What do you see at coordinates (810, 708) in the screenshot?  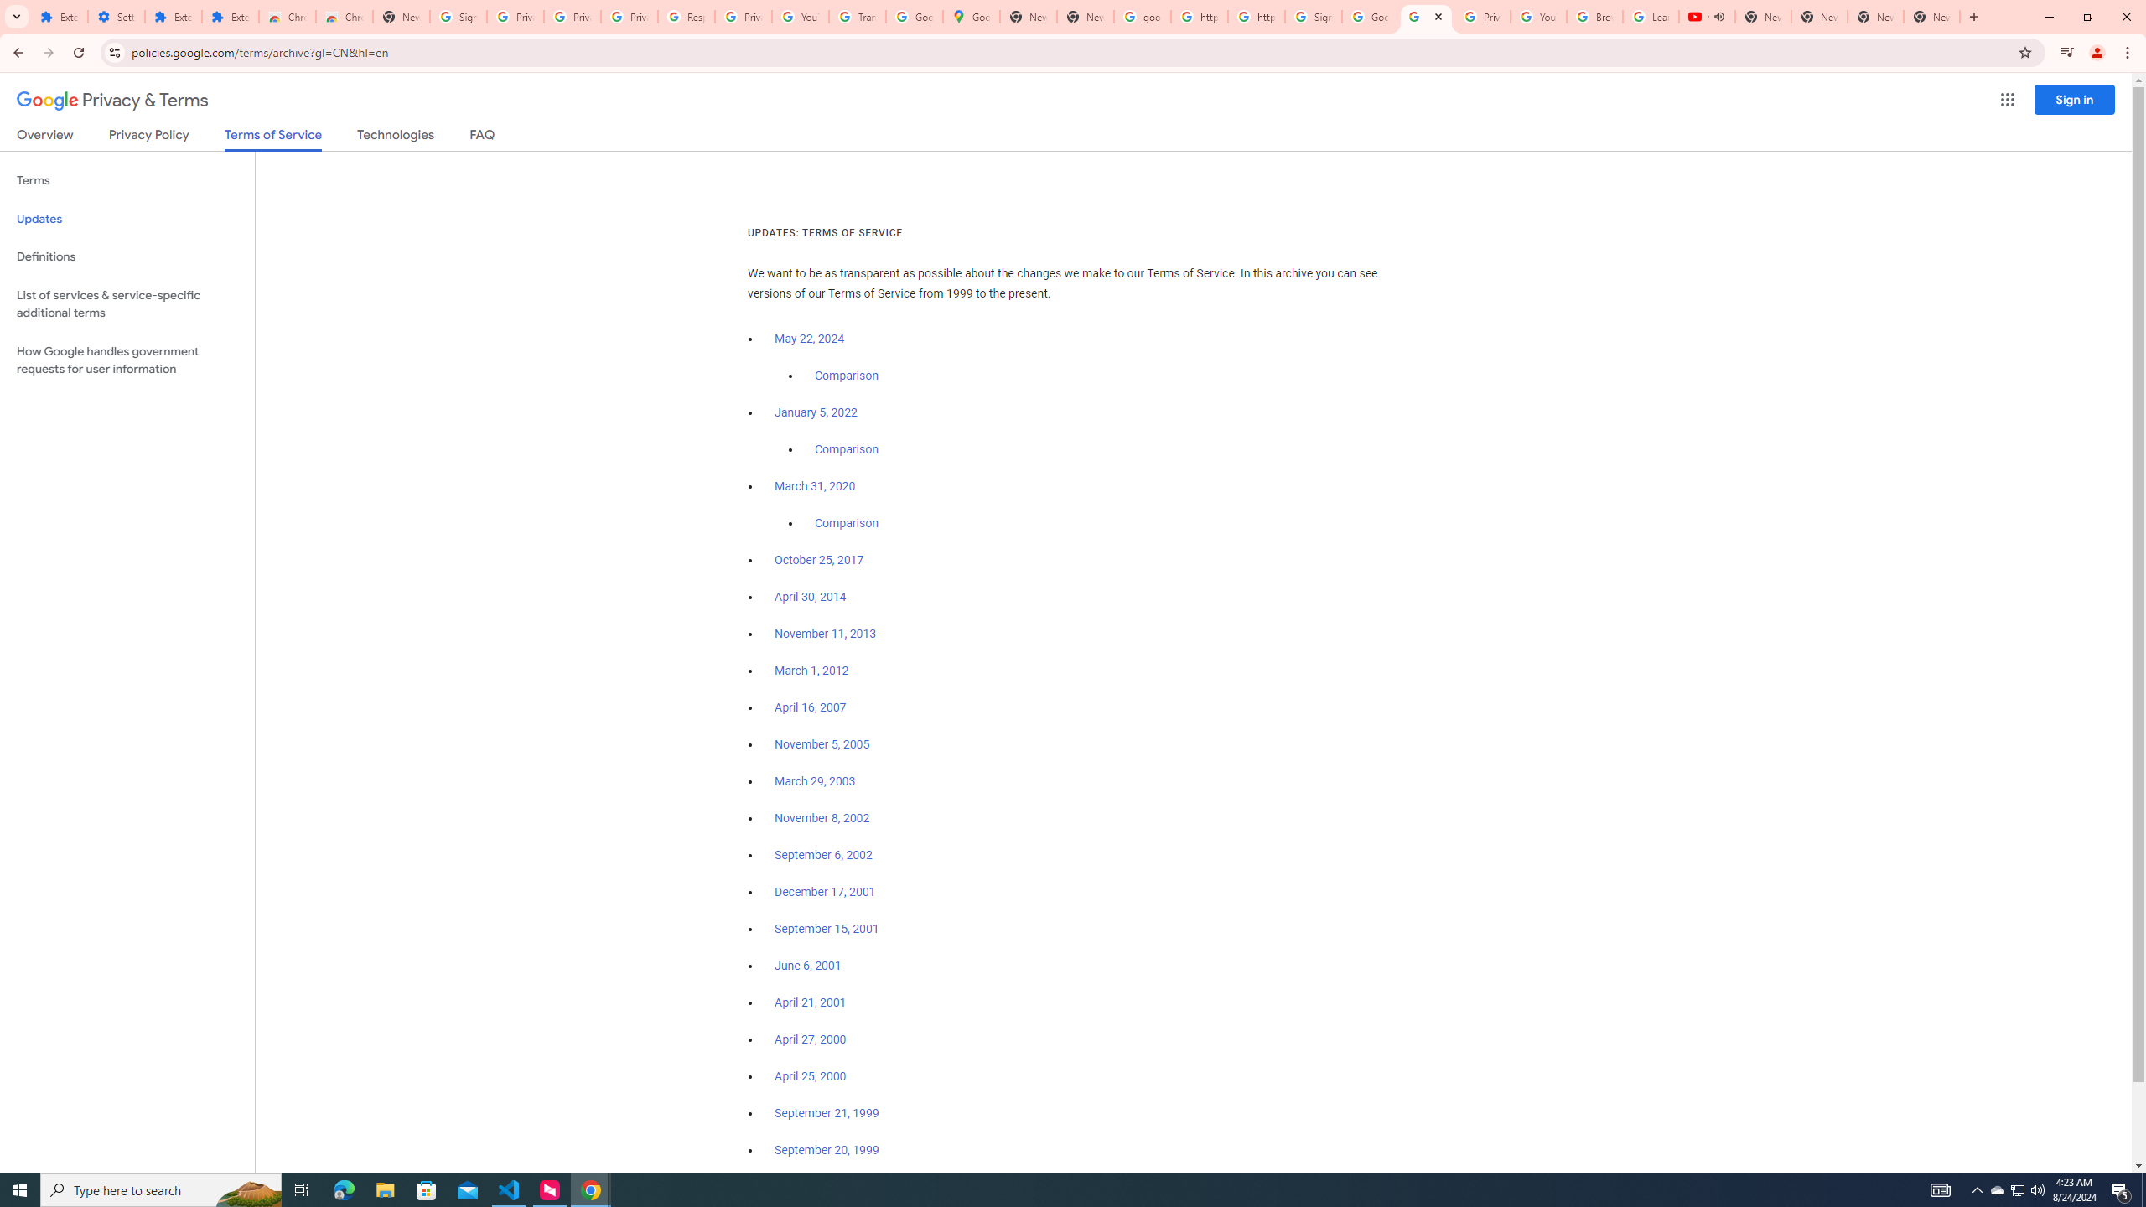 I see `'April 16, 2007'` at bounding box center [810, 708].